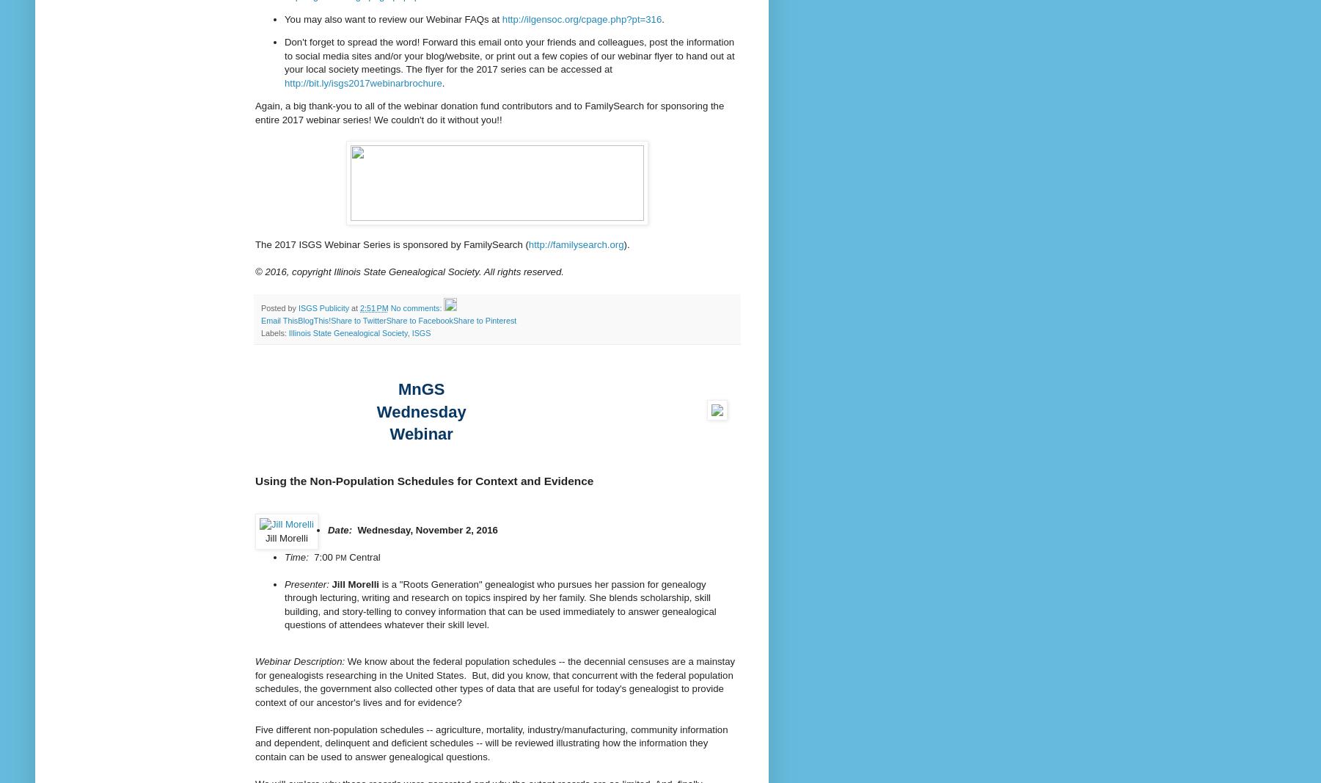  Describe the element at coordinates (374, 307) in the screenshot. I see `'2:51 PM'` at that location.